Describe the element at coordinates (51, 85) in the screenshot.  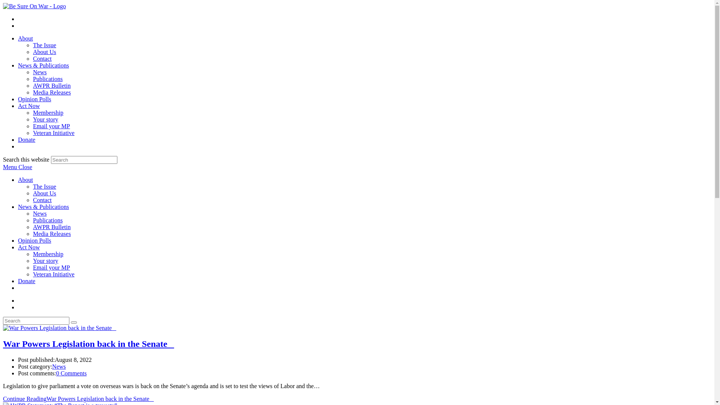
I see `'AWPR Bulletin'` at that location.